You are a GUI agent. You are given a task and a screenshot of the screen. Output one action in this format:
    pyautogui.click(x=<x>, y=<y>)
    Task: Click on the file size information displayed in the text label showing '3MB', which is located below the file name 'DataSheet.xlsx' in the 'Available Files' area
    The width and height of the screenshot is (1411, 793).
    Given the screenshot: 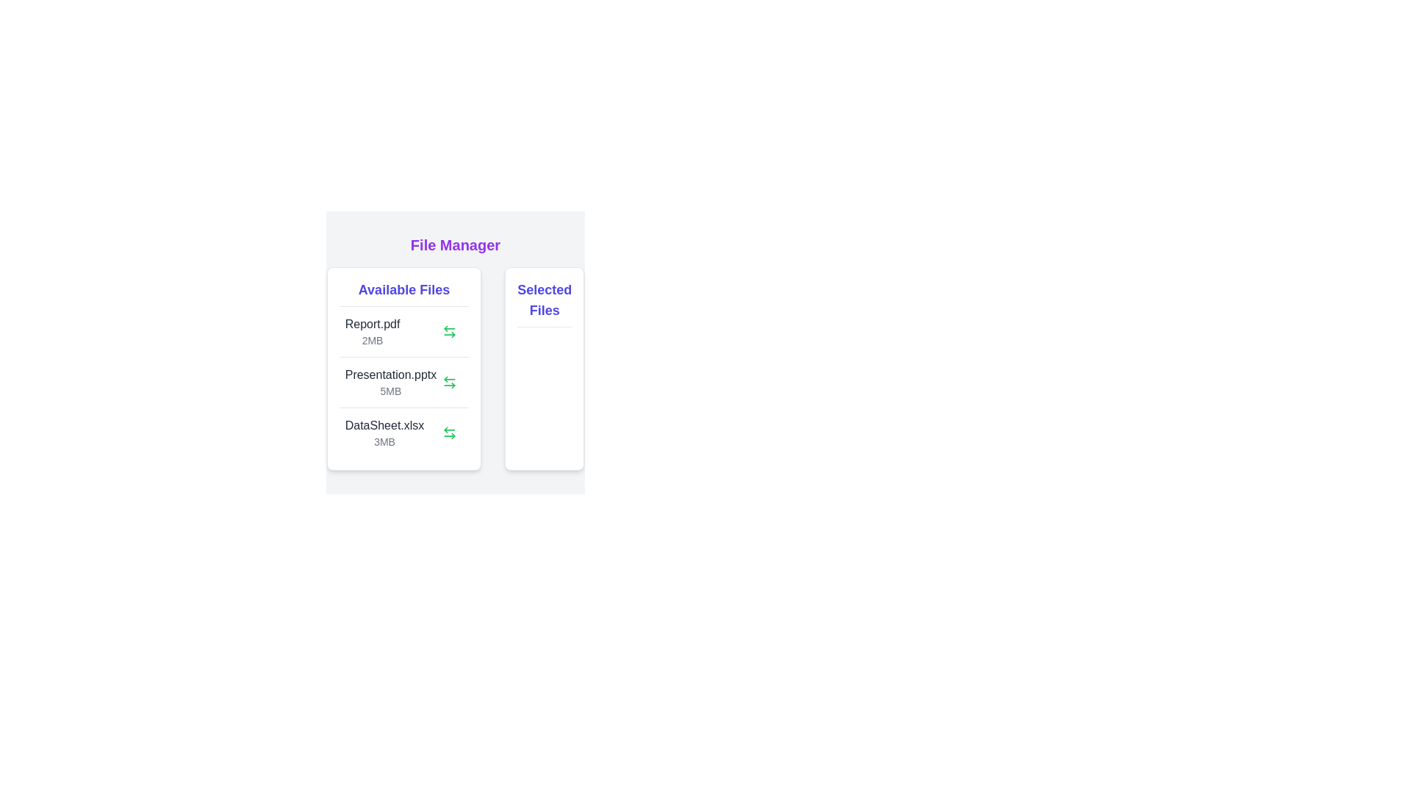 What is the action you would take?
    pyautogui.click(x=384, y=441)
    